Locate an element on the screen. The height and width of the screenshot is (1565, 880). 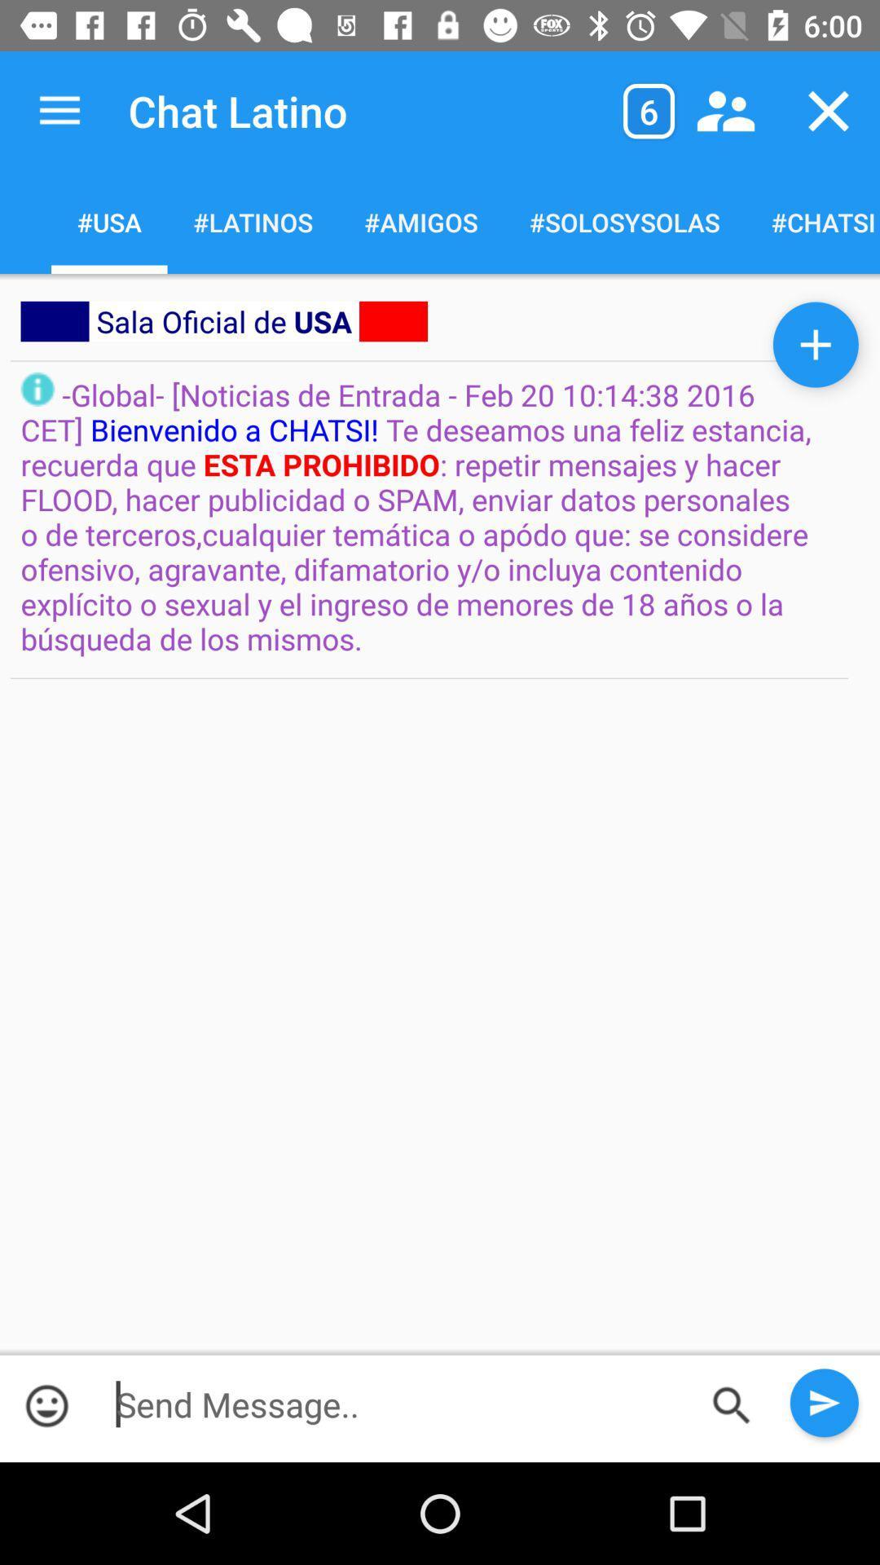
item above the #solosysolas is located at coordinates (648, 110).